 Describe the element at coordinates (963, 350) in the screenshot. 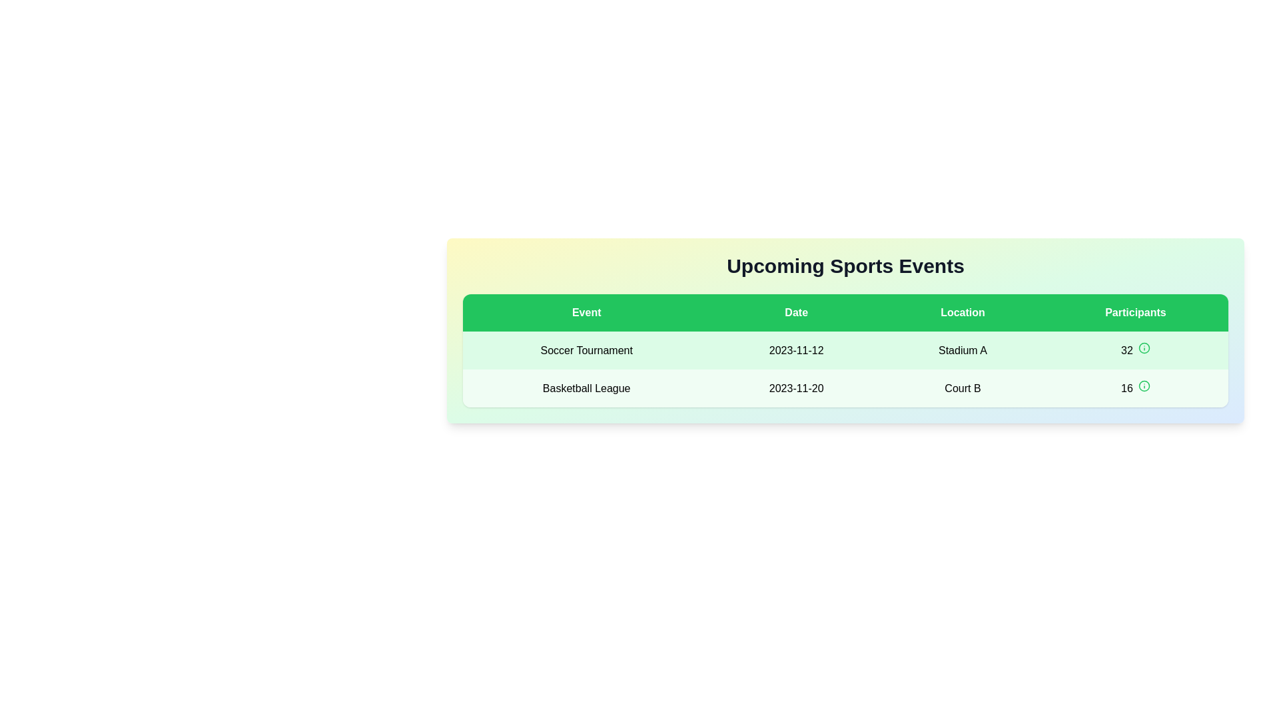

I see `the text label 'Stadium A' which is displayed in black bold font on a light-green background, part of a table under the 'Location' column` at that location.